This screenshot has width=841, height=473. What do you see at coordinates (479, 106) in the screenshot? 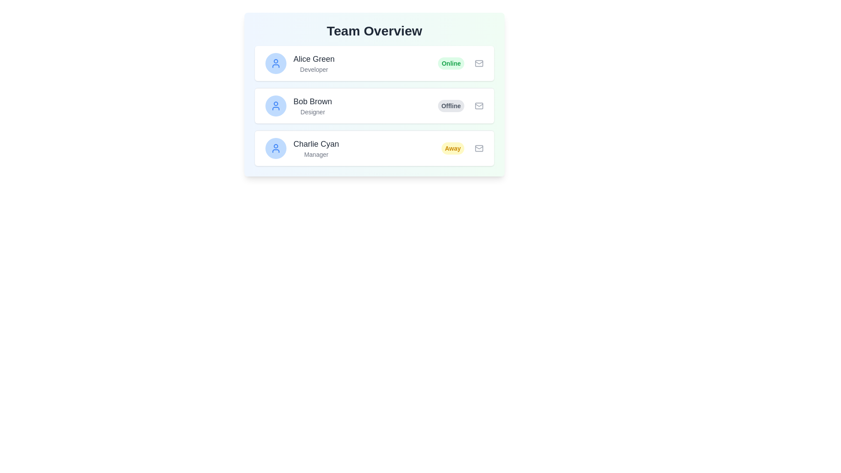
I see `the envelope-shaped icon representing email or messaging applications, located to the right of the box labeled 'Bob Brown' and 'Designer', adjacent to the 'Offline' status indicator` at bounding box center [479, 106].